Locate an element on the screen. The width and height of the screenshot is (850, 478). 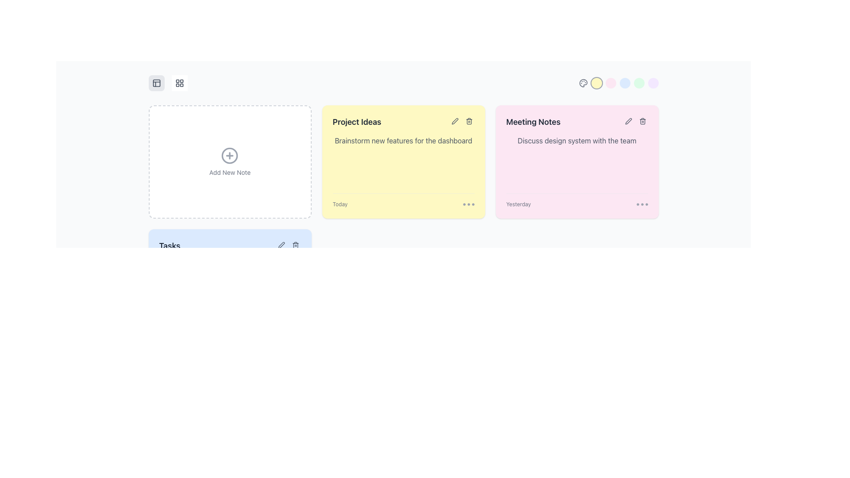
the 'Add New Note' text label, which is displayed in gray and darkens on hover, located below the circular plus icon in the first panel of the note containers grid is located at coordinates (230, 172).